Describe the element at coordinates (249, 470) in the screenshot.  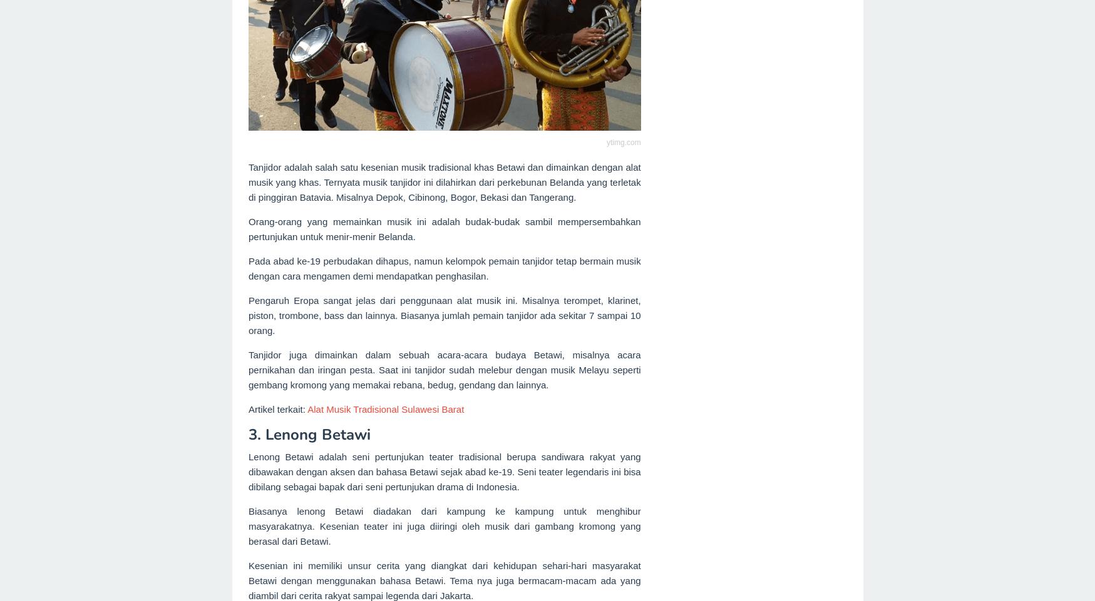
I see `'Lenong Betawi adalah seni pertunjukan teater tradisional berupa sandiwara rakyat yang dibawakan dengan aksen dan bahasa Betawi sejak abad ke-19. Seni teater legendaris ini bisa dibilang sebagai bapak dari seni pertunjukan drama di Indonesia.'` at that location.